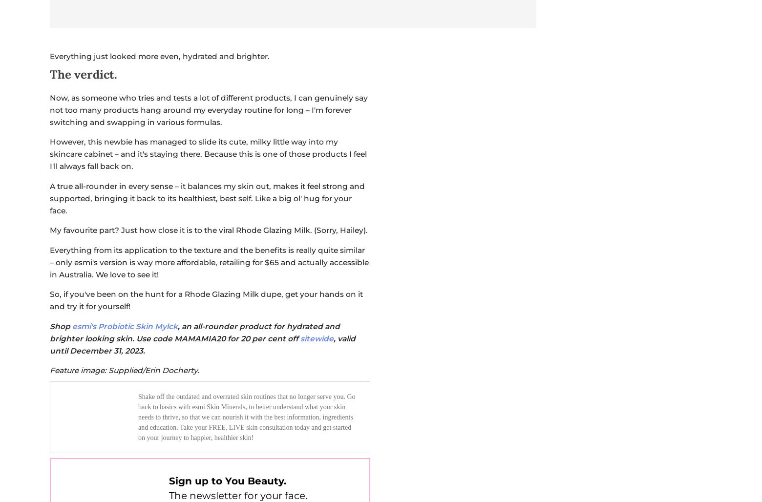 The height and width of the screenshot is (502, 762). I want to click on 'privacy', so click(307, 120).